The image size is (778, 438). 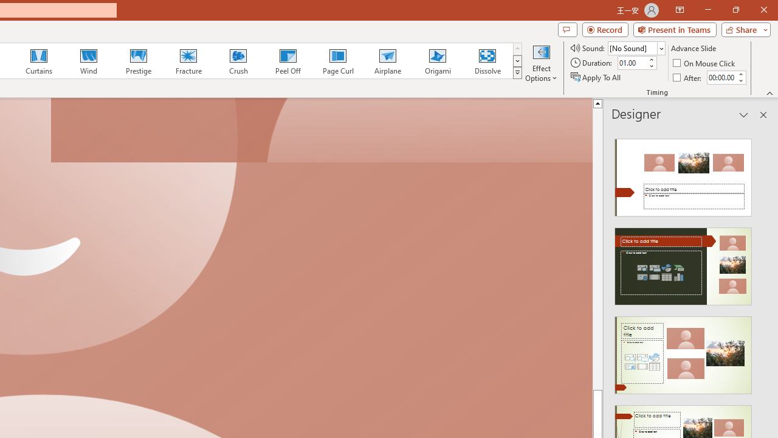 What do you see at coordinates (566, 29) in the screenshot?
I see `'Comments'` at bounding box center [566, 29].